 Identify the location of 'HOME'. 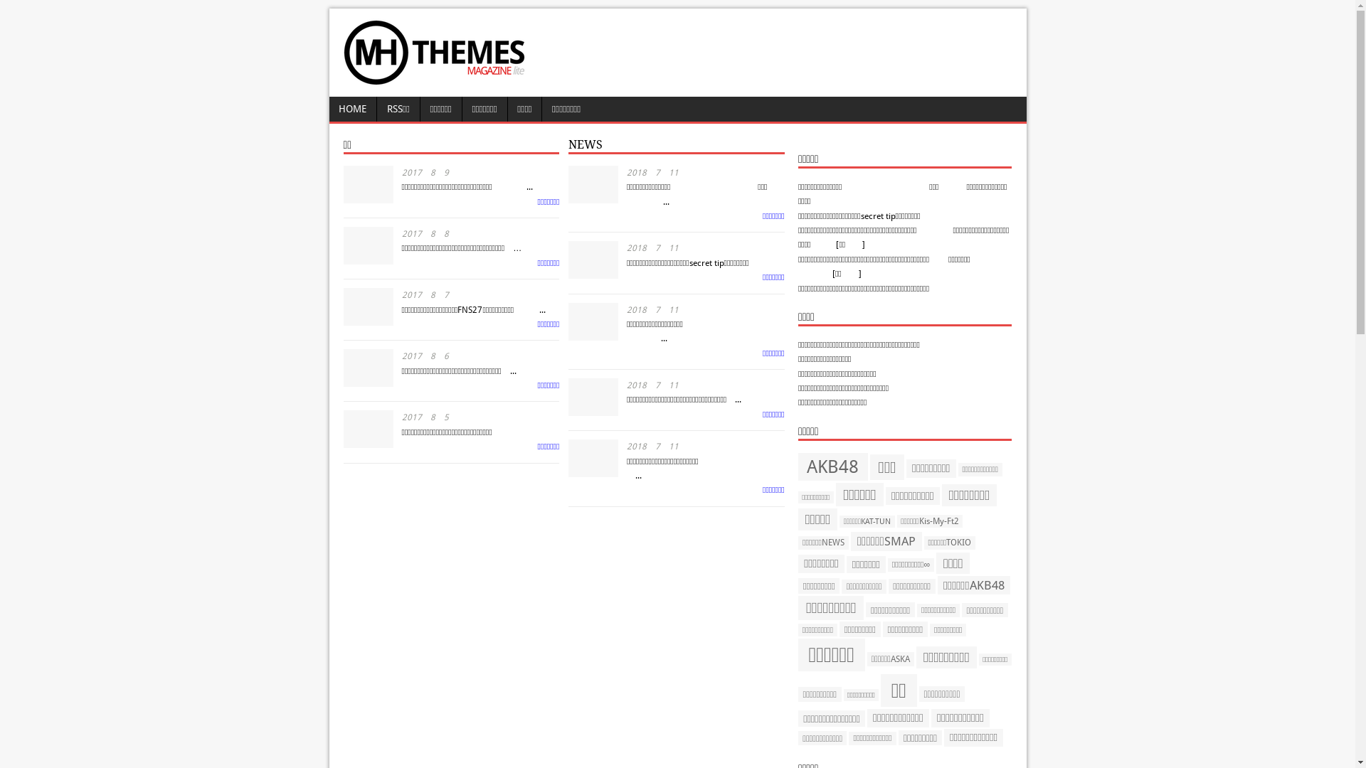
(327, 108).